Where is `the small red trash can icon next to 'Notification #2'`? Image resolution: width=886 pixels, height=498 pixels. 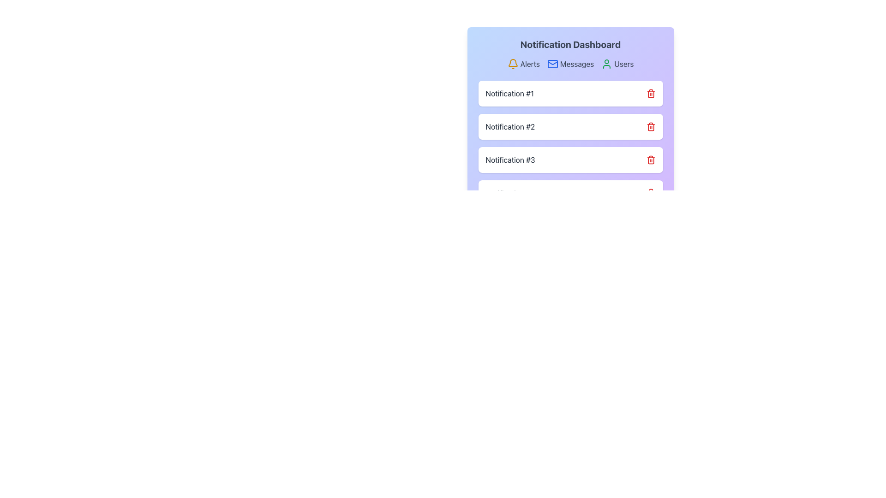
the small red trash can icon next to 'Notification #2' is located at coordinates (650, 126).